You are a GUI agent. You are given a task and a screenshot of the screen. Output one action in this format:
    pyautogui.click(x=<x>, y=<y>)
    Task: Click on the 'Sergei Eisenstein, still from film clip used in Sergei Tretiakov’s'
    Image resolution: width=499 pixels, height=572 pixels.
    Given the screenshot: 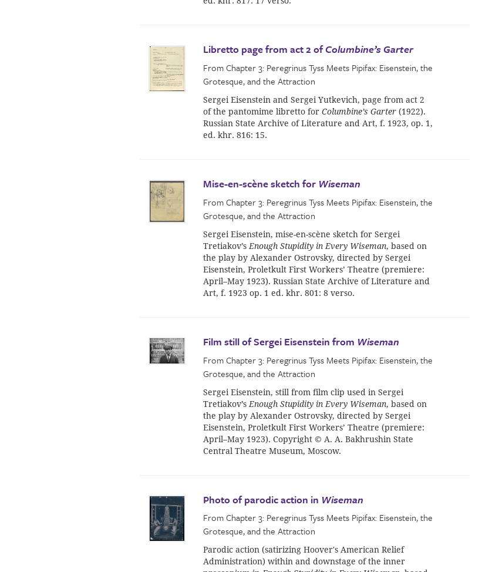 What is the action you would take?
    pyautogui.click(x=302, y=398)
    